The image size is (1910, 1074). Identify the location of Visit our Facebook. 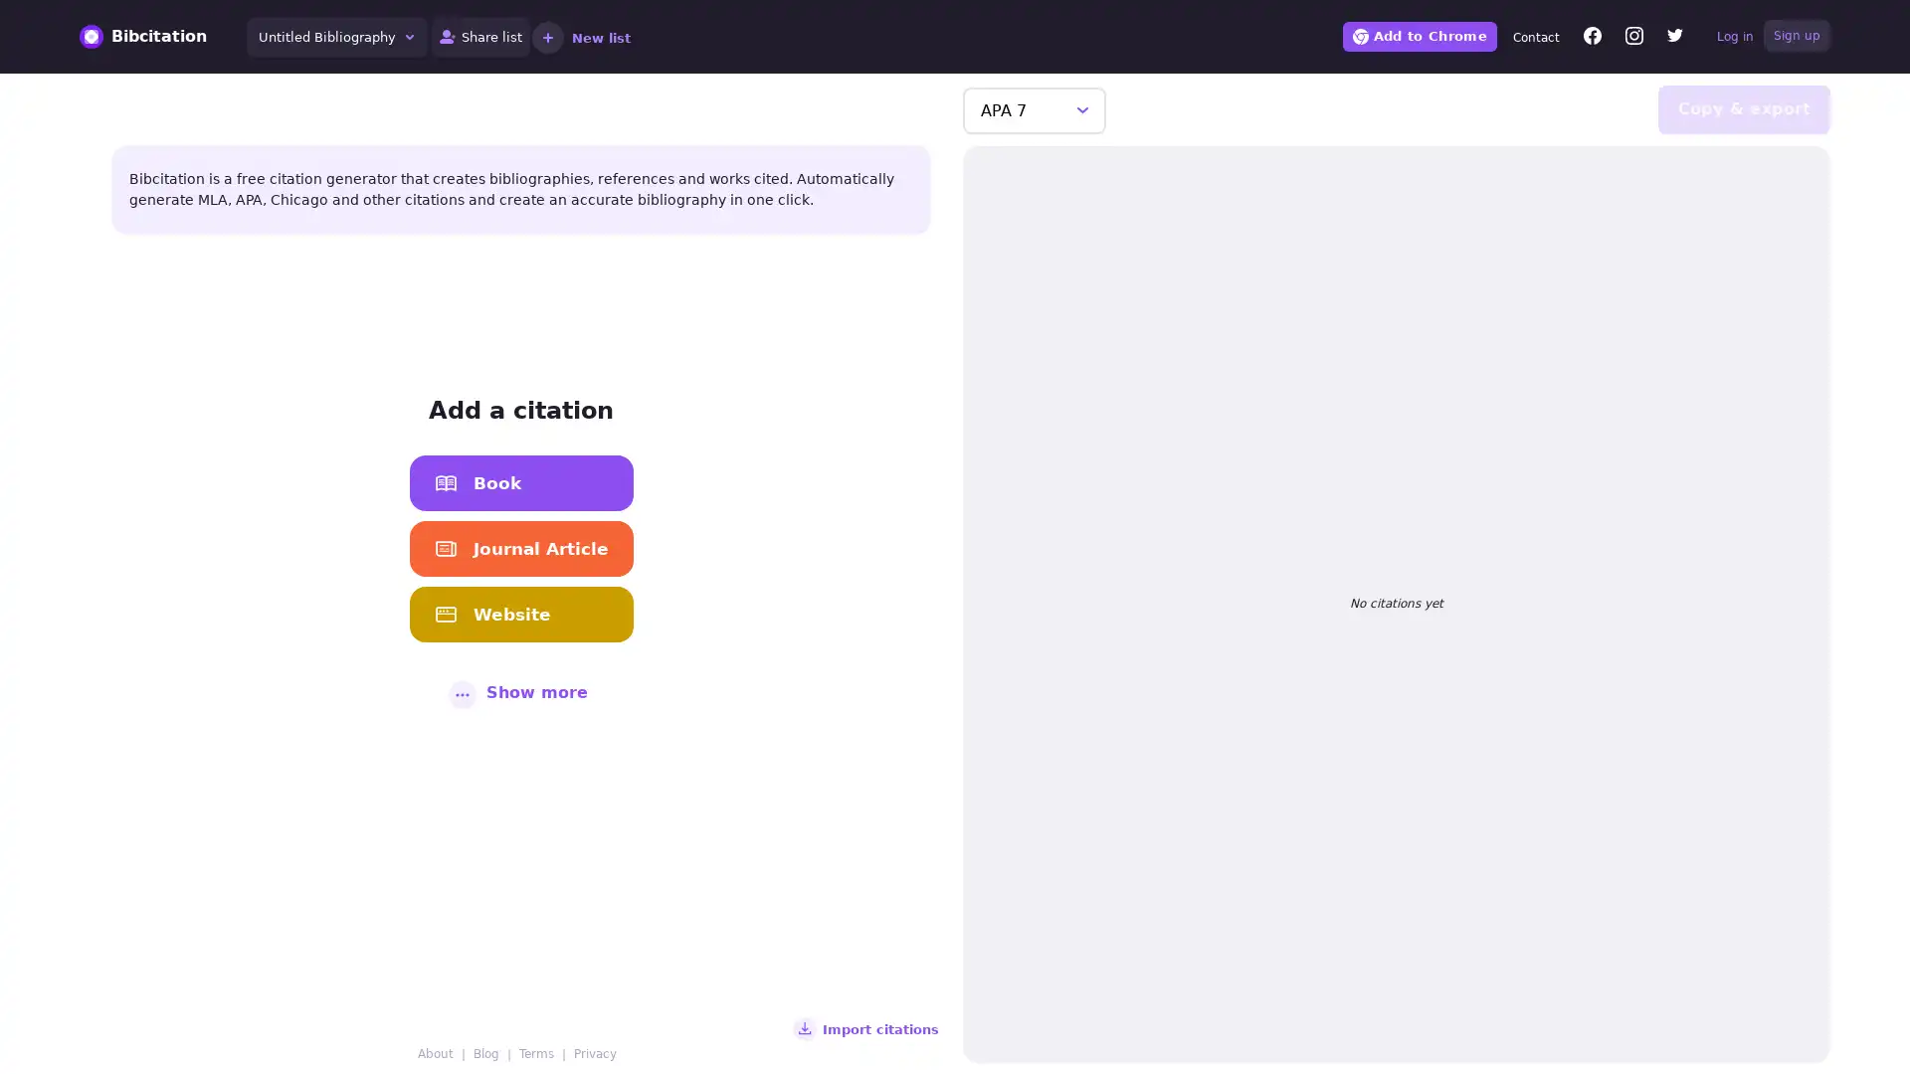
(1593, 38).